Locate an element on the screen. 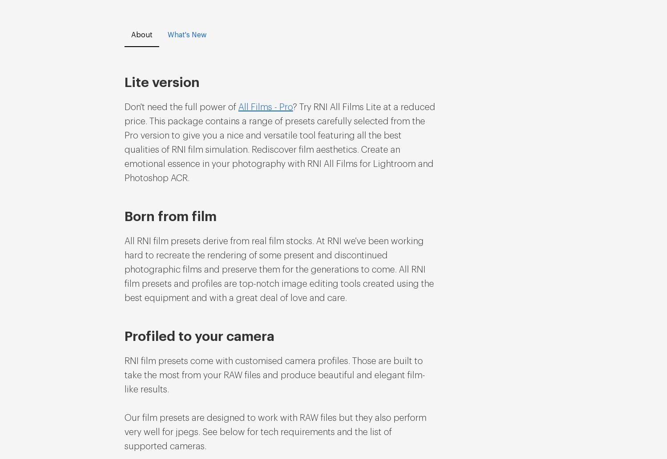  'All Films - Pro' is located at coordinates (238, 107).